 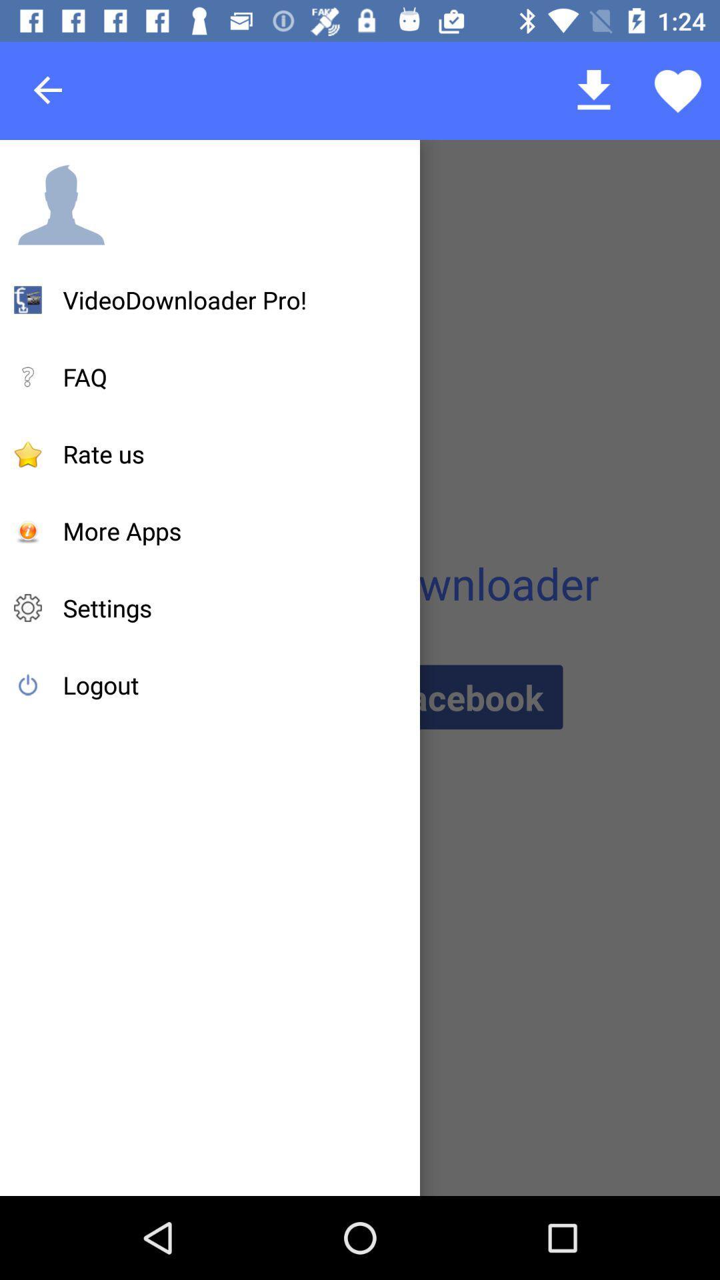 I want to click on icon above public videodownloader, so click(x=122, y=530).